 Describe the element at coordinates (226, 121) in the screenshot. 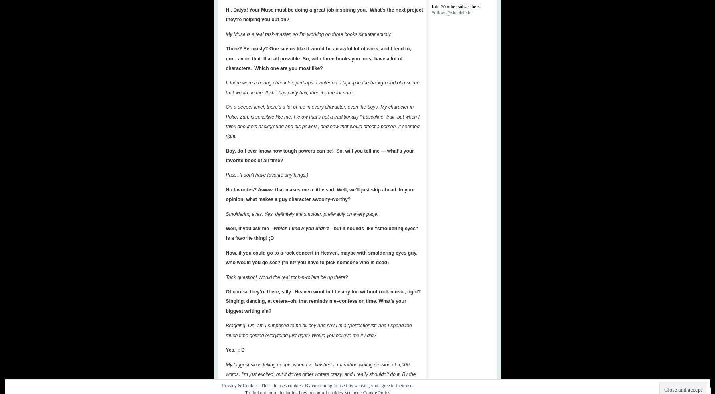

I see `'On a deeper level, there’s a lot of me in every character, even the boys. My character in Poke, Zan, is sensitive like me. I know that’s not a traditionally “masculine” trait, but when I think about his background and his powers, and how that would affect a person, it seemed right'` at that location.